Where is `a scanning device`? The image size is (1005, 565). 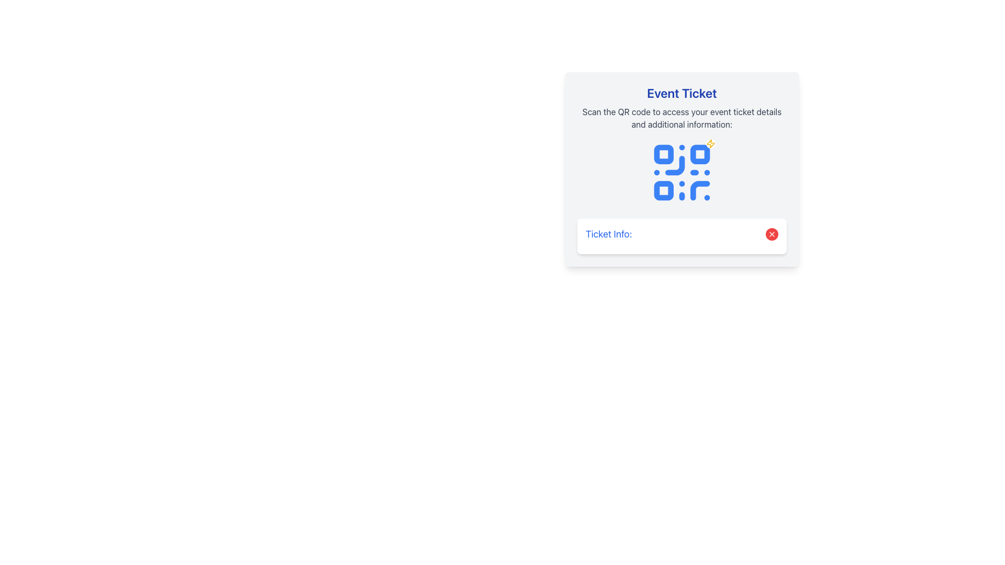
a scanning device is located at coordinates (682, 172).